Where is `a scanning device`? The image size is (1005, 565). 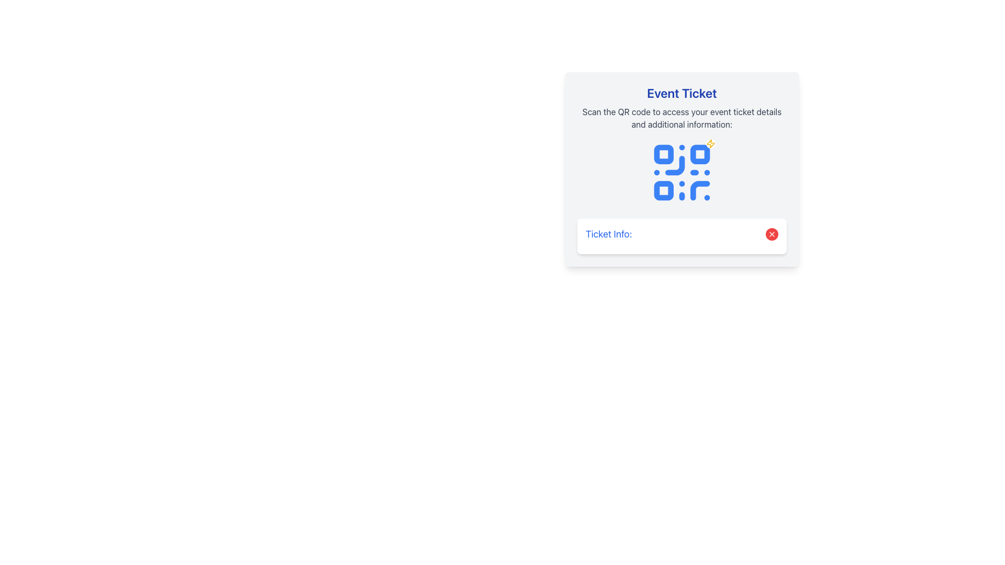
a scanning device is located at coordinates (682, 172).